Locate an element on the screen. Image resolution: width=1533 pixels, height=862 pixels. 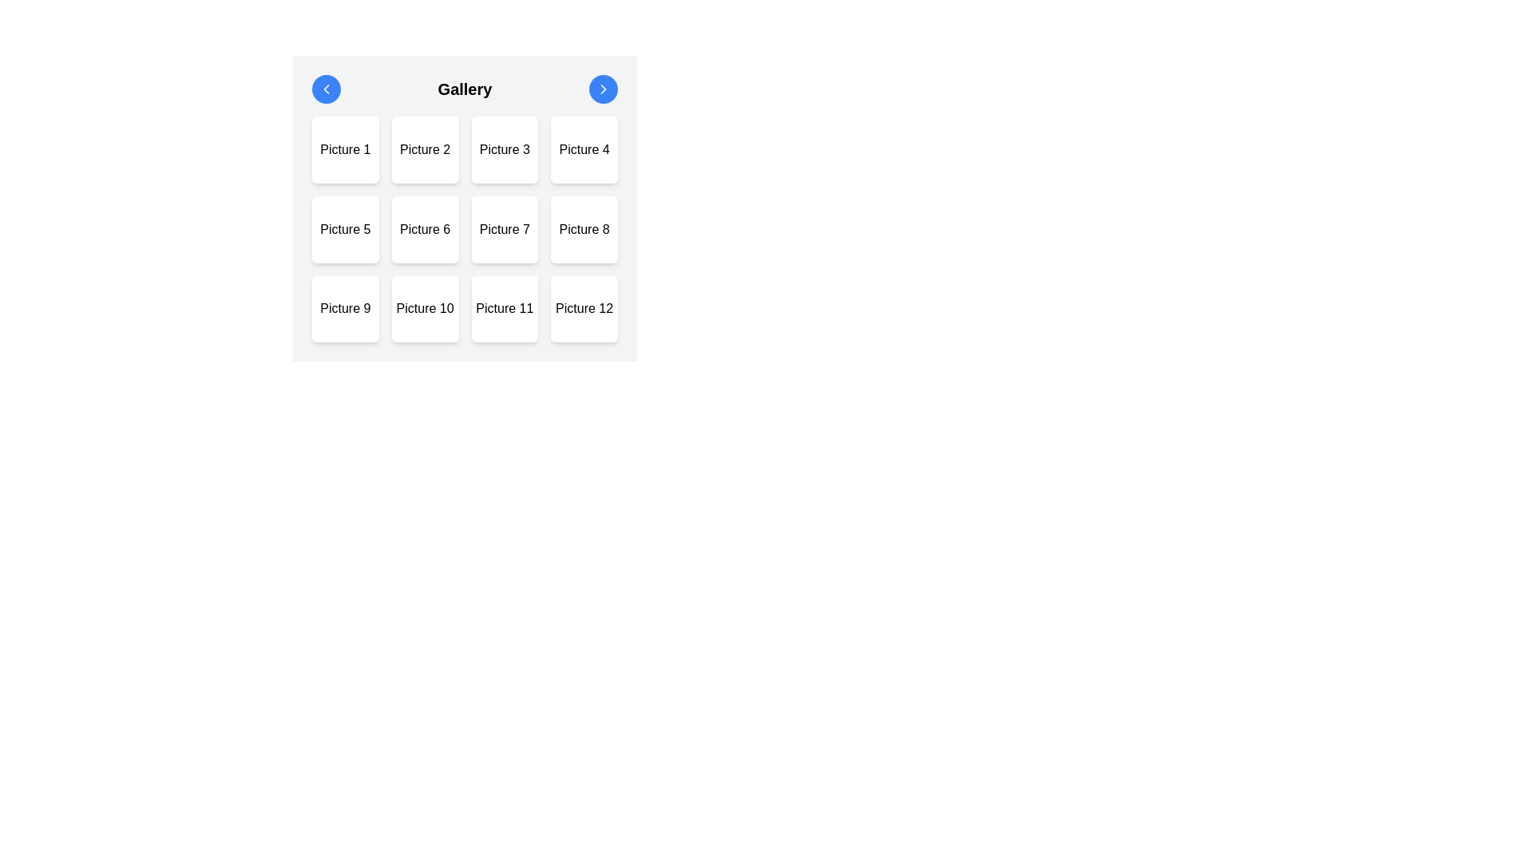
the button-like grid item labeled 'Picture 5', which is a square box with a white background and black text, located in the second row and first column of a 4x3 grid layout is located at coordinates (344, 229).